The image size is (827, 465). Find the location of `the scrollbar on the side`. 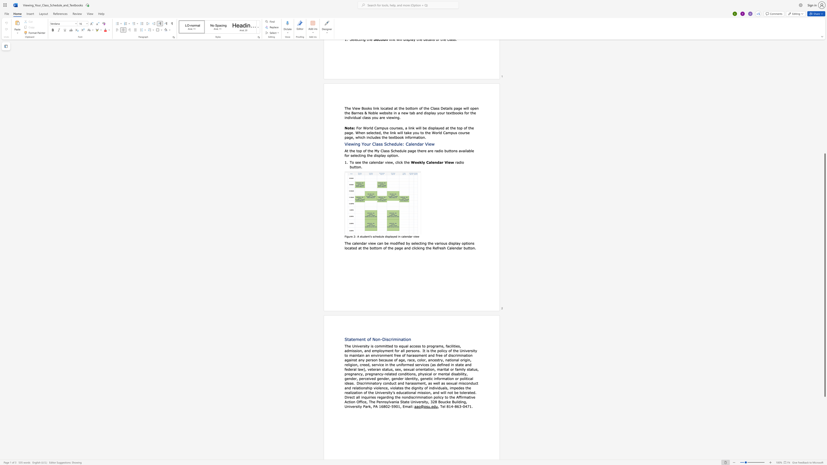

the scrollbar on the side is located at coordinates (824, 133).